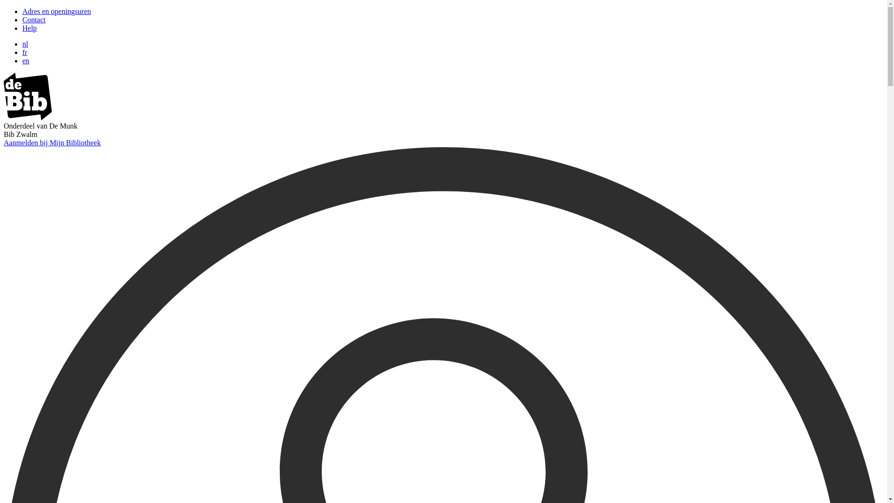 The width and height of the screenshot is (894, 503). Describe the element at coordinates (25, 44) in the screenshot. I see `'nl'` at that location.